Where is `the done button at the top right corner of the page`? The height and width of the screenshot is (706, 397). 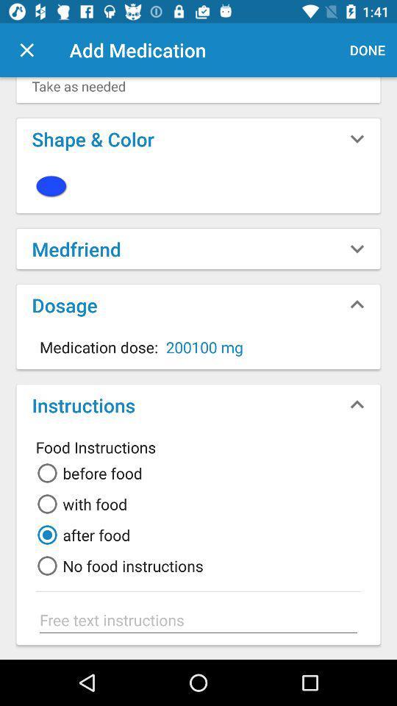
the done button at the top right corner of the page is located at coordinates (366, 50).